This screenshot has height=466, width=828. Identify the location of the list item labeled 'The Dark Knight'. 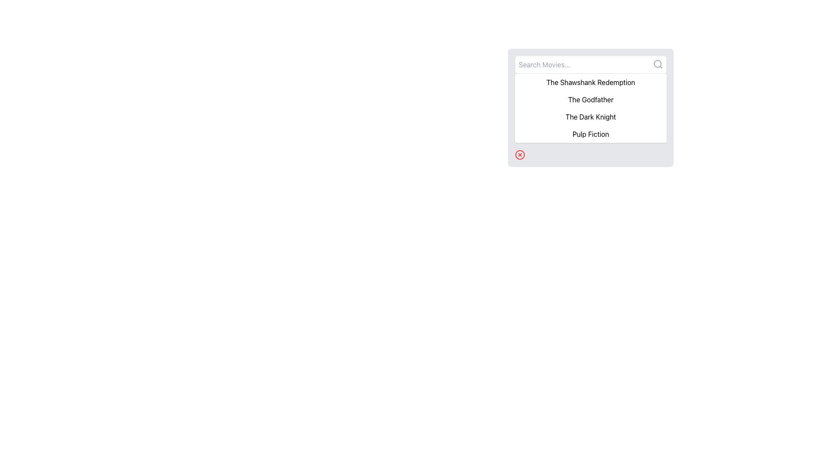
(590, 116).